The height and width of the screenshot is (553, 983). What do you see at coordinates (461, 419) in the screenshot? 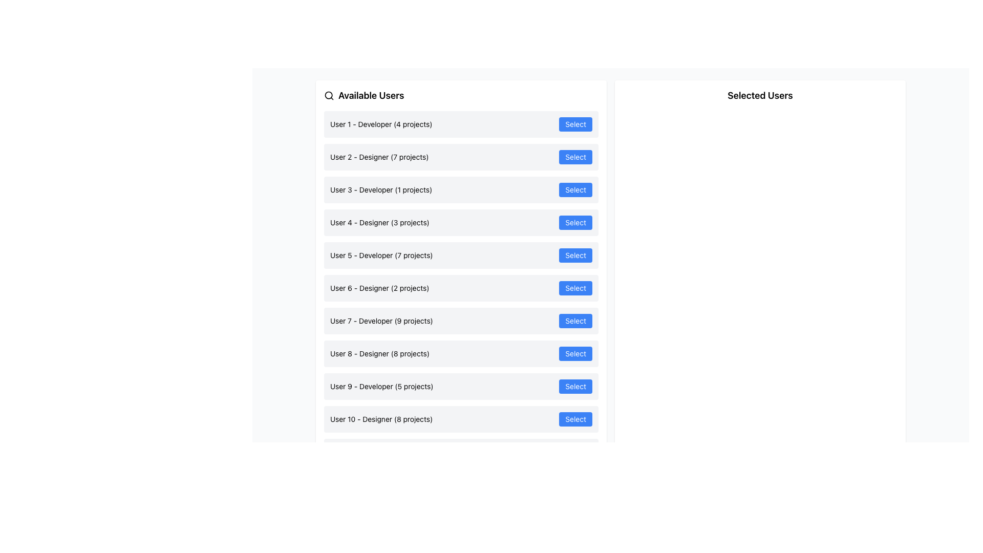
I see `the 'Select' button on the List item for 'User 10 - Designer (8 projects)' in the 'Available Users' section` at bounding box center [461, 419].